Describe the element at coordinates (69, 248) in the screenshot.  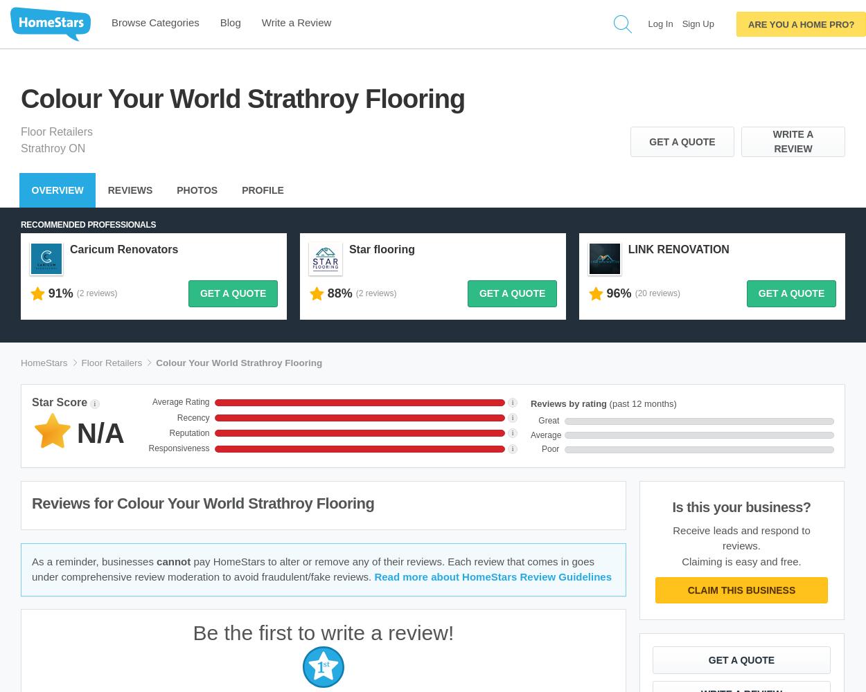
I see `'Caricum Renovators'` at that location.